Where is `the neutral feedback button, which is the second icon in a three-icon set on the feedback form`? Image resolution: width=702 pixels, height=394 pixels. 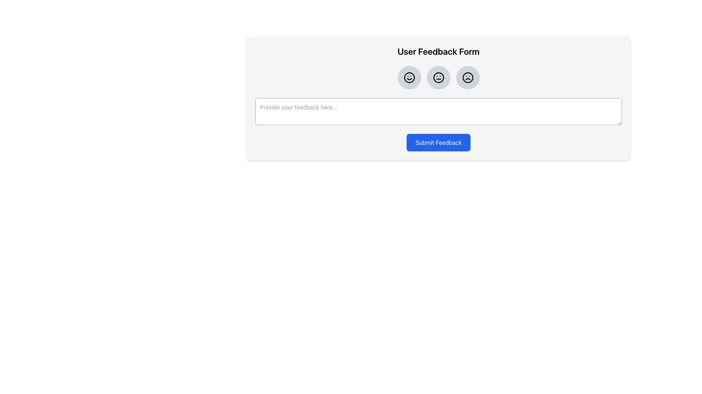
the neutral feedback button, which is the second icon in a three-icon set on the feedback form is located at coordinates (438, 77).